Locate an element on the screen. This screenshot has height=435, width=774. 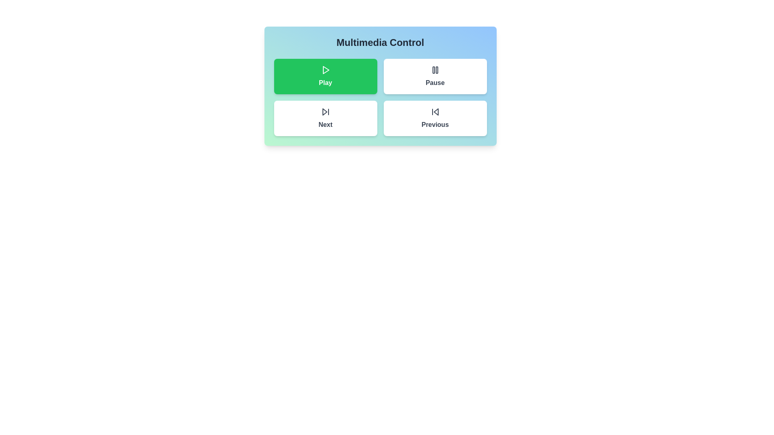
the 'Next' button to activate it is located at coordinates (325, 118).